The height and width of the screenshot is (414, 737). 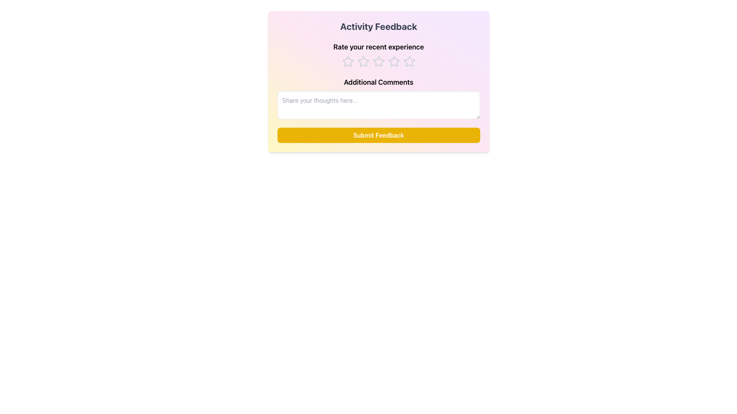 I want to click on the third star in the rating input section of the feedback form, so click(x=394, y=61).